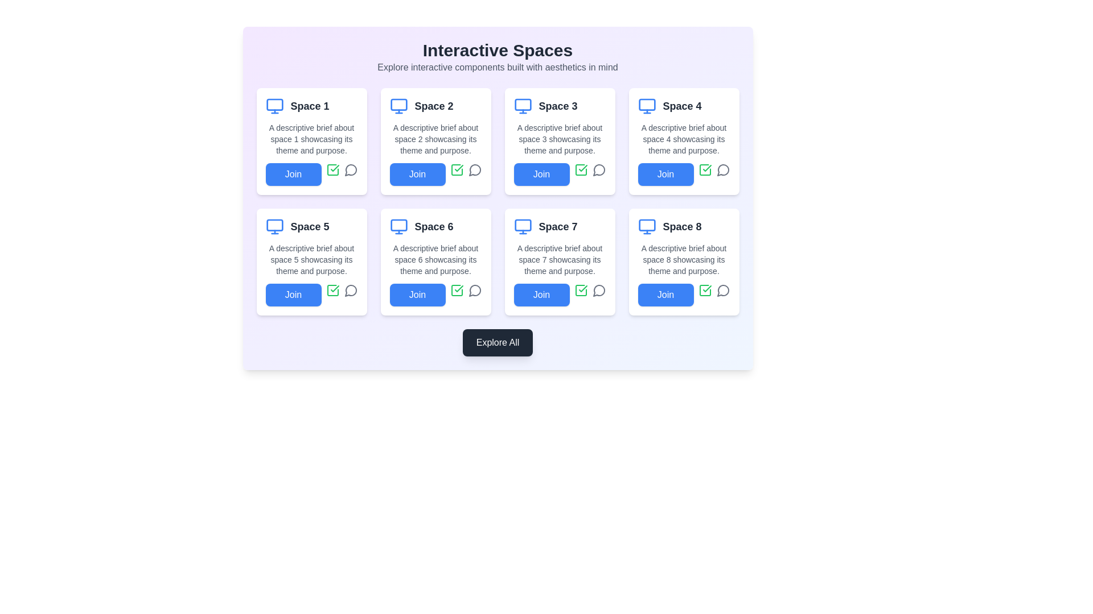  I want to click on the informational text description summarizing the theme and purpose of 'Space 2', which is the second item in a grid of cards, positioned above the 'Join' button, so click(435, 139).